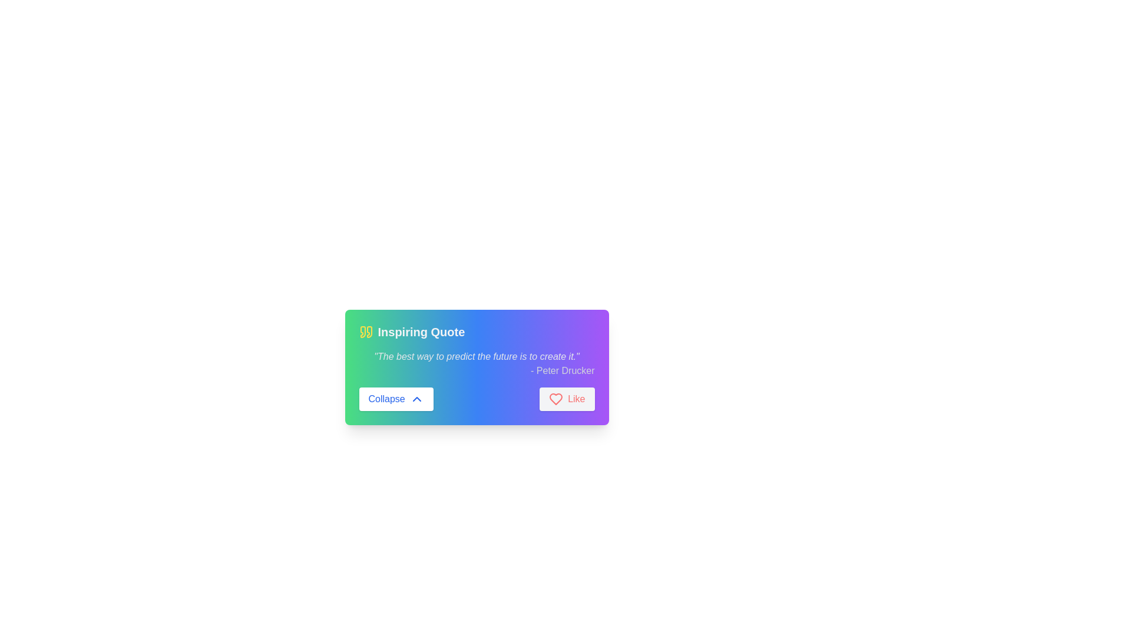 The height and width of the screenshot is (636, 1131). What do you see at coordinates (365, 332) in the screenshot?
I see `the bright yellow quotation marks icon, which is positioned to the far left of the text 'Inspiring Quote' and slightly above the center vertically` at bounding box center [365, 332].